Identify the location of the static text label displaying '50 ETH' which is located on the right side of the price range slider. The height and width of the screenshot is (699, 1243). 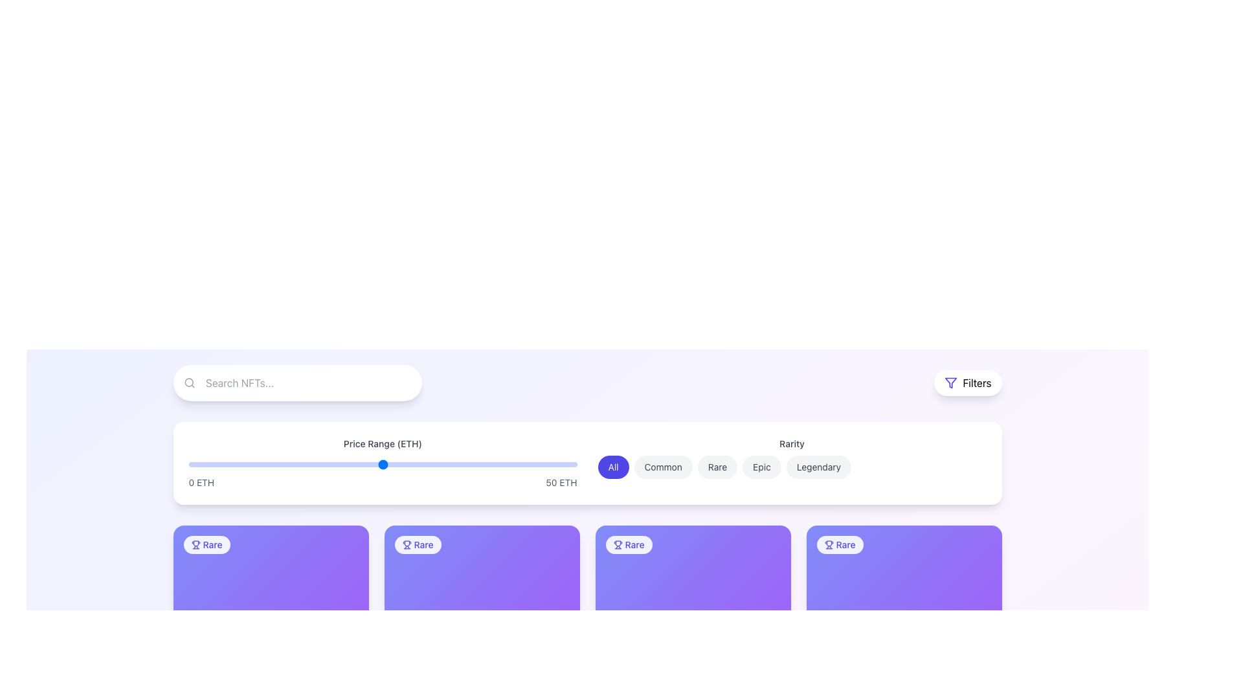
(561, 482).